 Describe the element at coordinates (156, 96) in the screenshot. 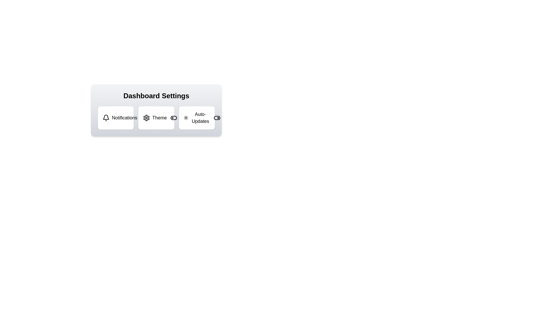

I see `the dashboard title text to interact with it` at that location.